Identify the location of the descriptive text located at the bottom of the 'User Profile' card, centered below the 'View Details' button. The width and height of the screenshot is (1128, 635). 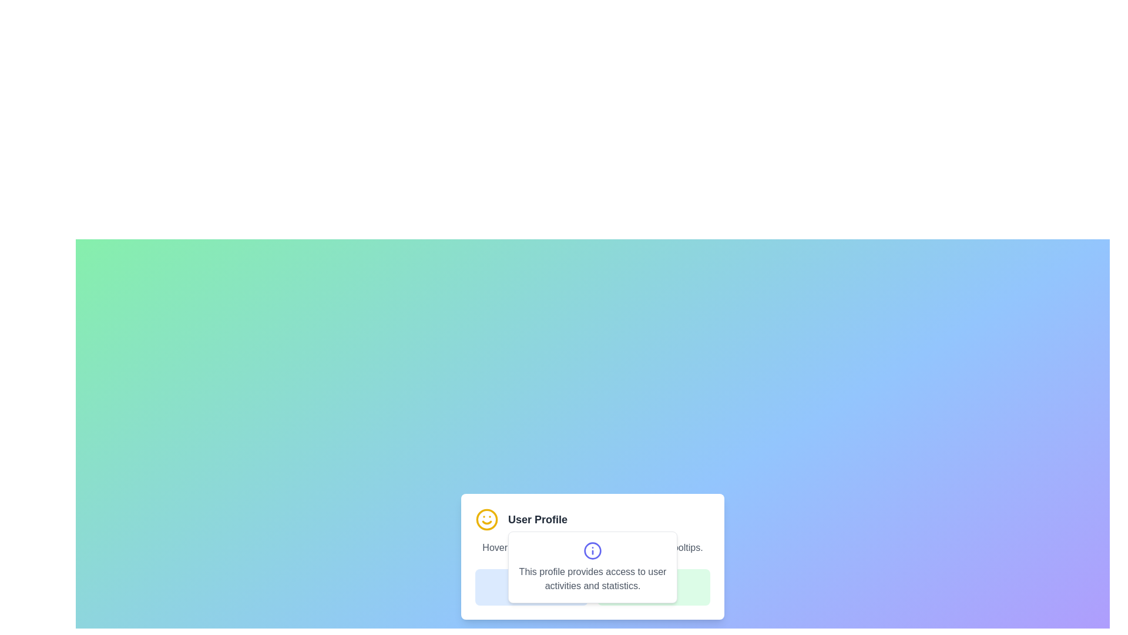
(592, 587).